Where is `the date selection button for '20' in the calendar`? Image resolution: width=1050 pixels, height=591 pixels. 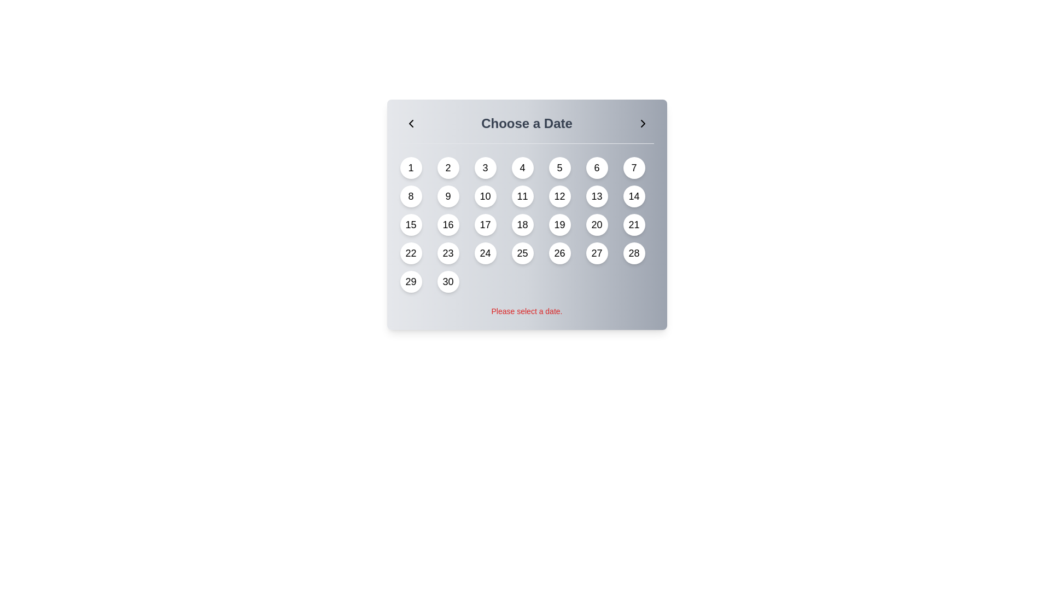
the date selection button for '20' in the calendar is located at coordinates (596, 224).